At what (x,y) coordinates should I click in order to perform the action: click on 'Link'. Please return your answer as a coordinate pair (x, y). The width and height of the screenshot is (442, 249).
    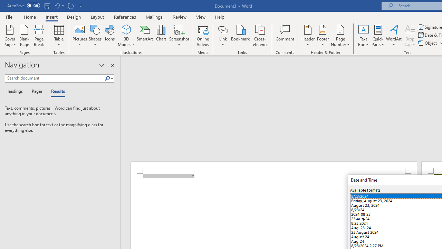
    Looking at the image, I should click on (223, 36).